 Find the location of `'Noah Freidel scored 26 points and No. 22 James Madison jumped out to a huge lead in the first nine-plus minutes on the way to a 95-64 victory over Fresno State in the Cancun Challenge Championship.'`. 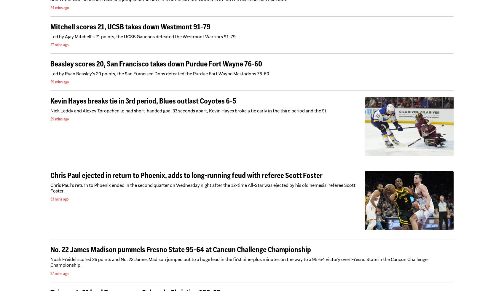

'Noah Freidel scored 26 points and No. 22 James Madison jumped out to a huge lead in the first nine-plus minutes on the way to a 95-64 victory over Fresno State in the Cancun Challenge Championship.' is located at coordinates (238, 262).